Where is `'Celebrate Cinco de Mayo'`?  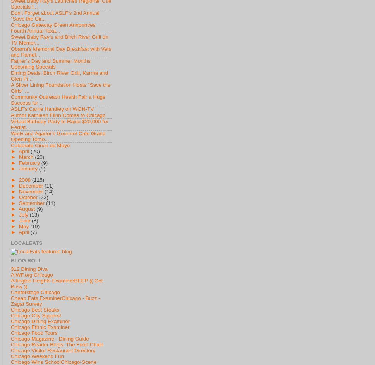
'Celebrate Cinco de Mayo' is located at coordinates (40, 145).